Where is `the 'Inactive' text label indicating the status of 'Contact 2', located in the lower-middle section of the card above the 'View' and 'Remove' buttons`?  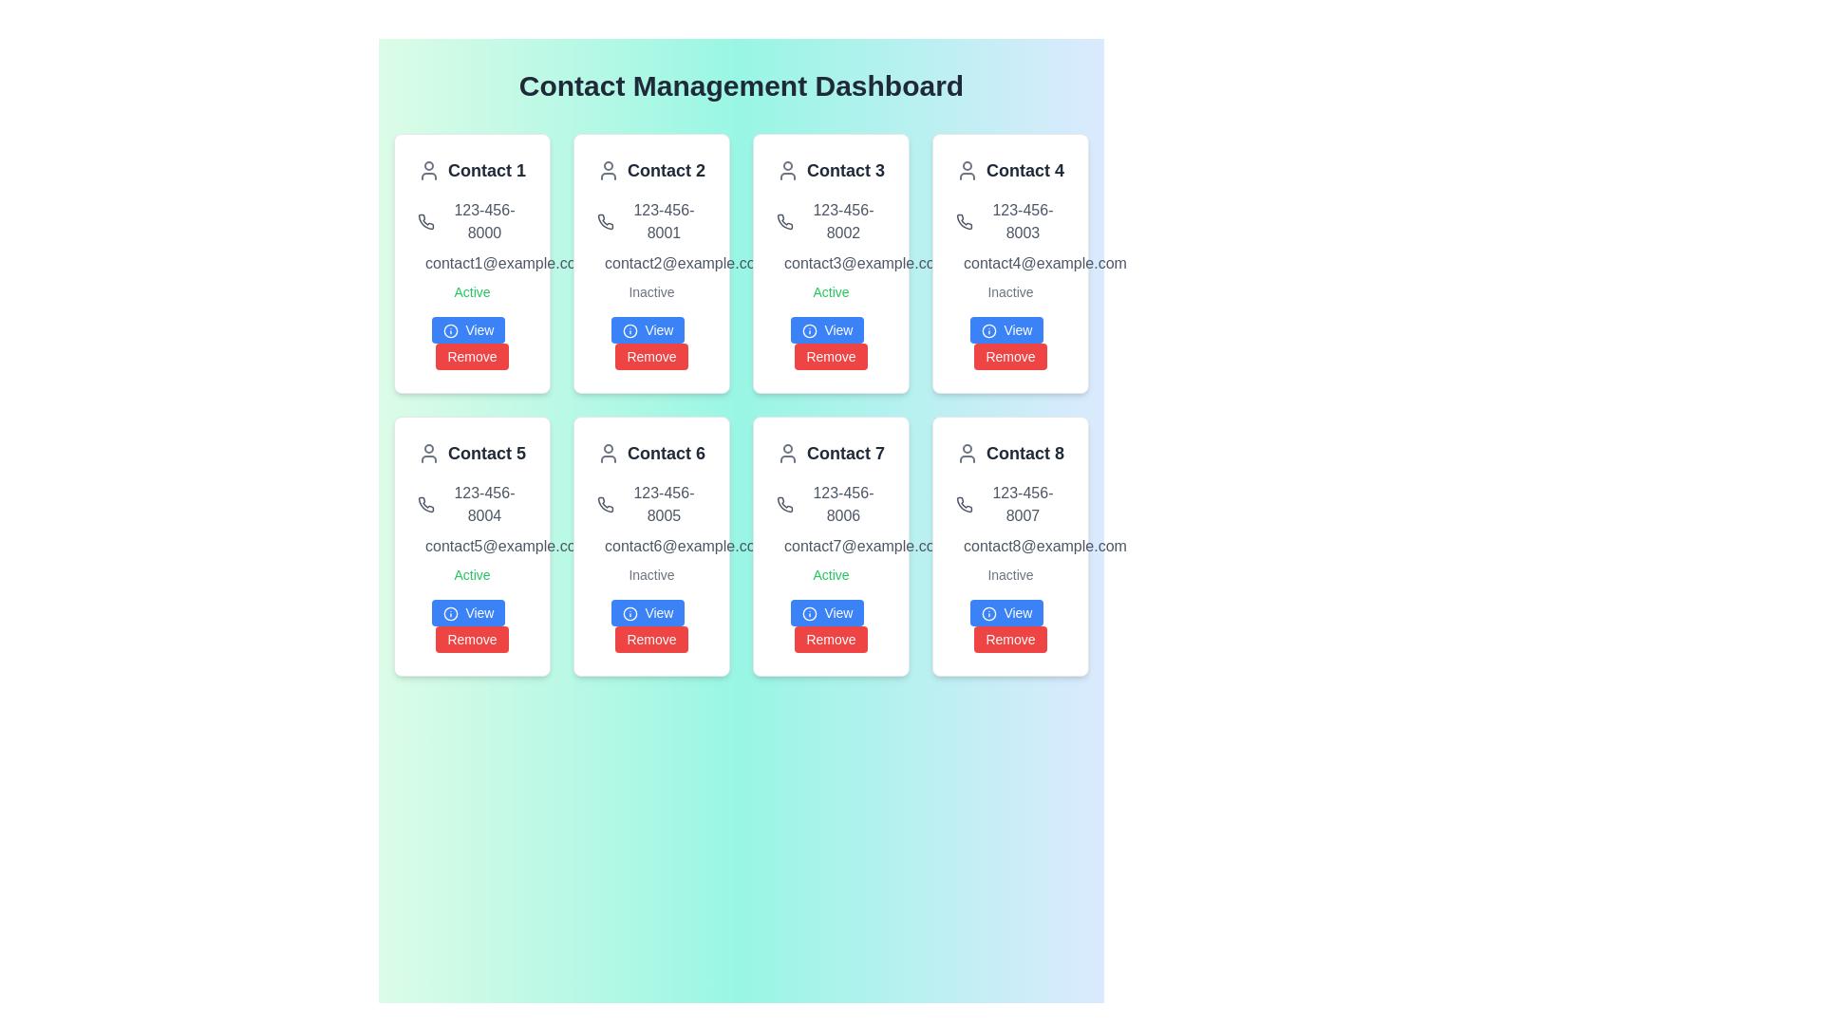
the 'Inactive' text label indicating the status of 'Contact 2', located in the lower-middle section of the card above the 'View' and 'Remove' buttons is located at coordinates (651, 292).